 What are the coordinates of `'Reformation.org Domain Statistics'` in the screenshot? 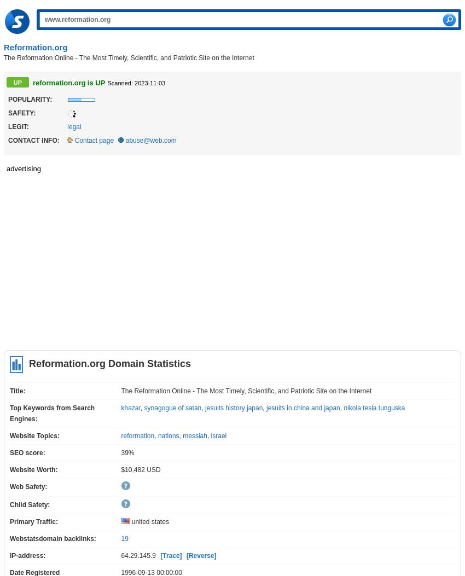 It's located at (109, 363).